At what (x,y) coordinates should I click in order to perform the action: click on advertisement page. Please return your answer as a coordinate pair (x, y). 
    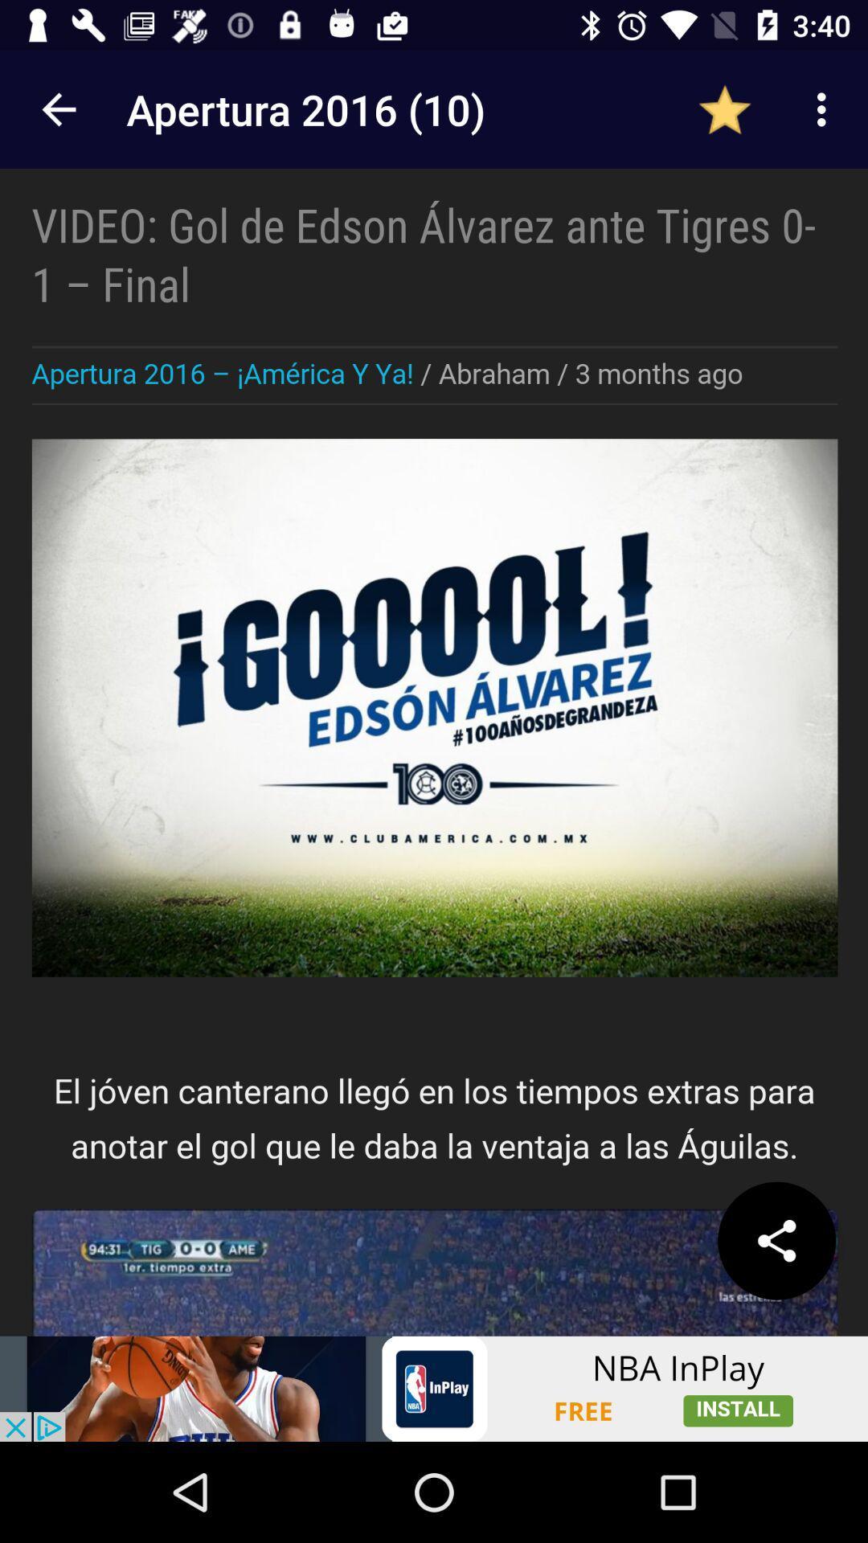
    Looking at the image, I should click on (434, 693).